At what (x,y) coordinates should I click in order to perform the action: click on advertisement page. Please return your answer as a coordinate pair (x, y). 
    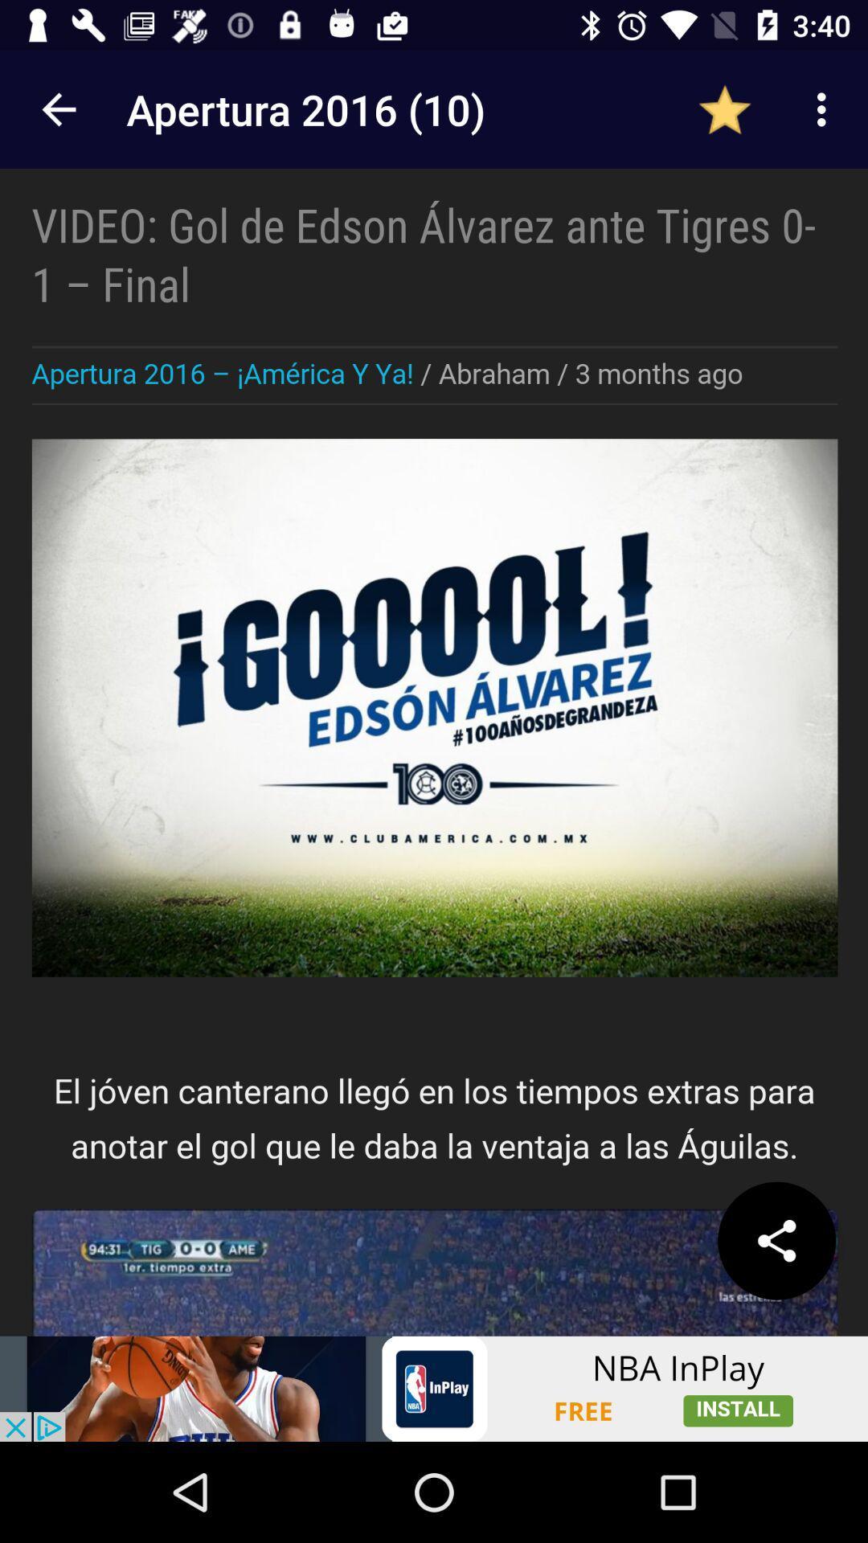
    Looking at the image, I should click on (434, 693).